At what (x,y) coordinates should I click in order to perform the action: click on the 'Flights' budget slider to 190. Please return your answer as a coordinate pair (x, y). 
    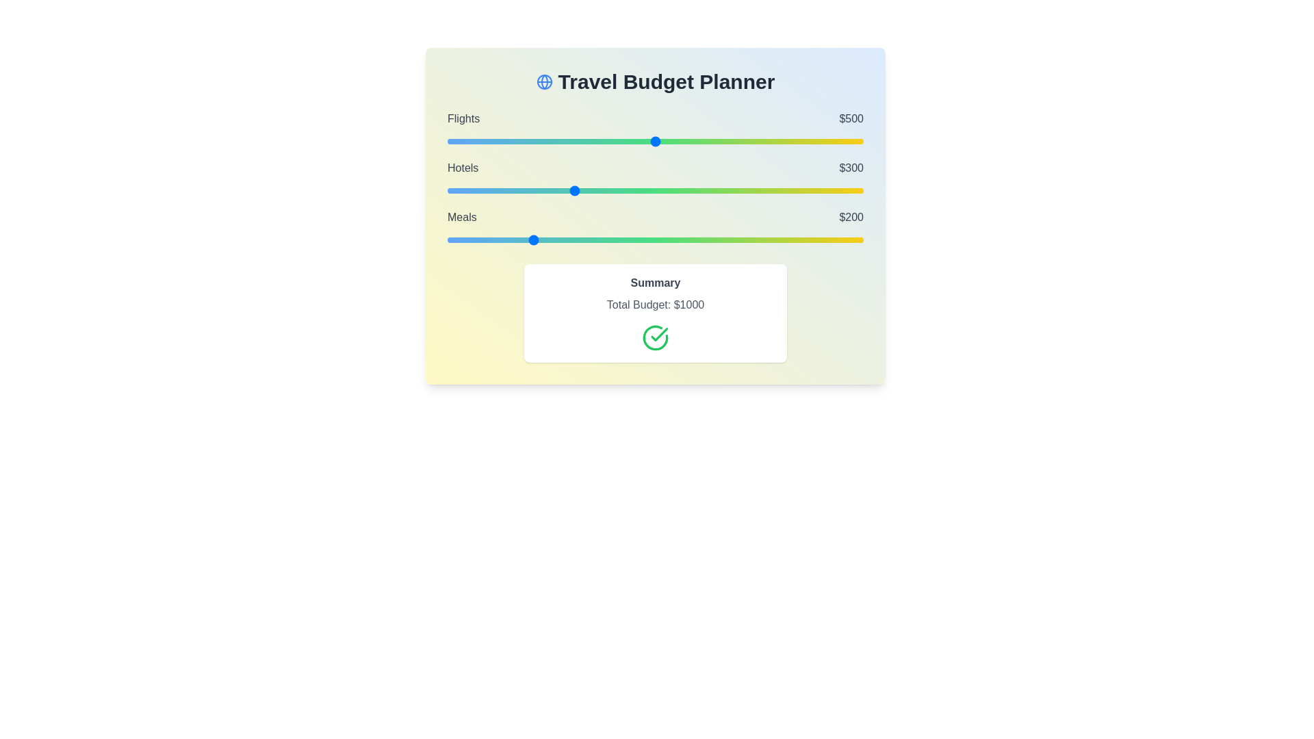
    Looking at the image, I should click on (526, 142).